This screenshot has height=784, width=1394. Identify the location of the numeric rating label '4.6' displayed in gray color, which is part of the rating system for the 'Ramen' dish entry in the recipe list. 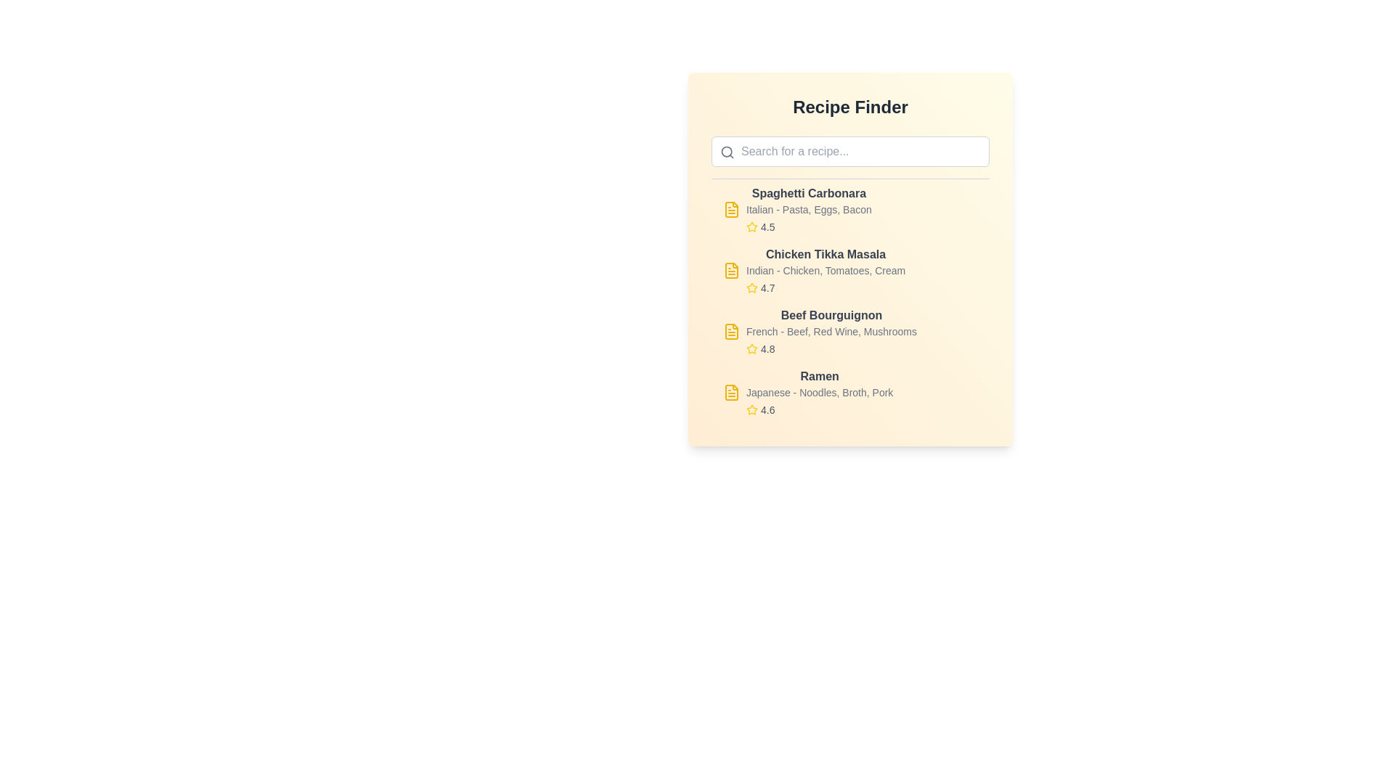
(767, 409).